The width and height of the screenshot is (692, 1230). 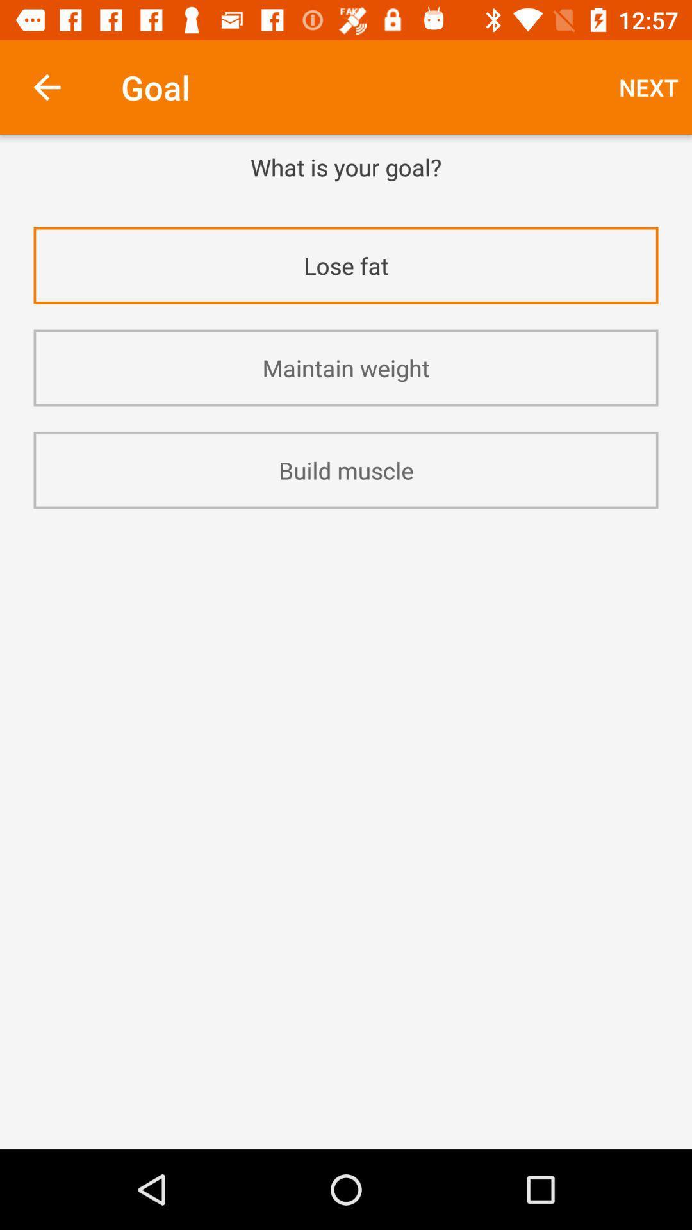 What do you see at coordinates (346, 200) in the screenshot?
I see `icon below what is your item` at bounding box center [346, 200].